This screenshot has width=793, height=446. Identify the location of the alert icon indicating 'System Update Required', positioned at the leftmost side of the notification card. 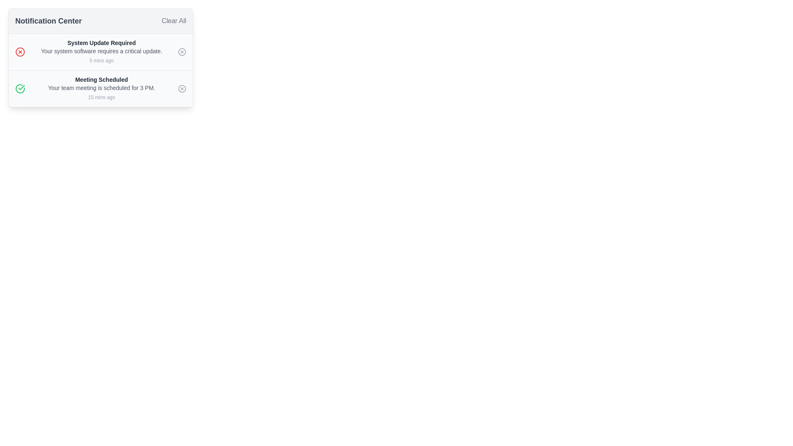
(20, 52).